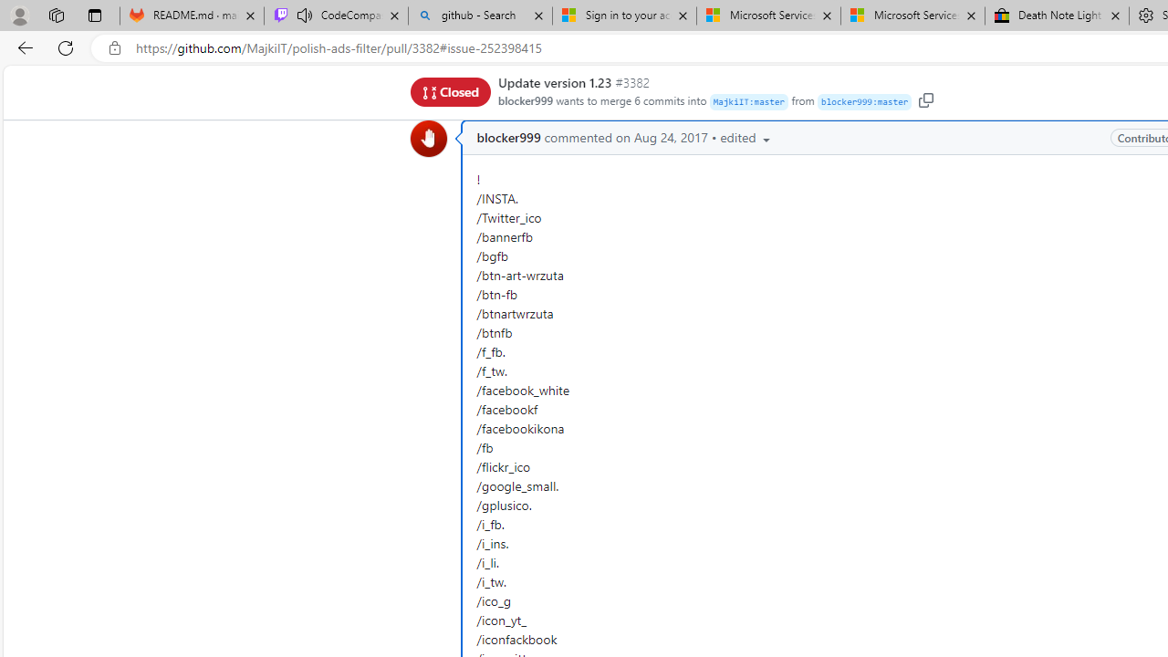  Describe the element at coordinates (863, 102) in the screenshot. I see `'blocker999 : master'` at that location.